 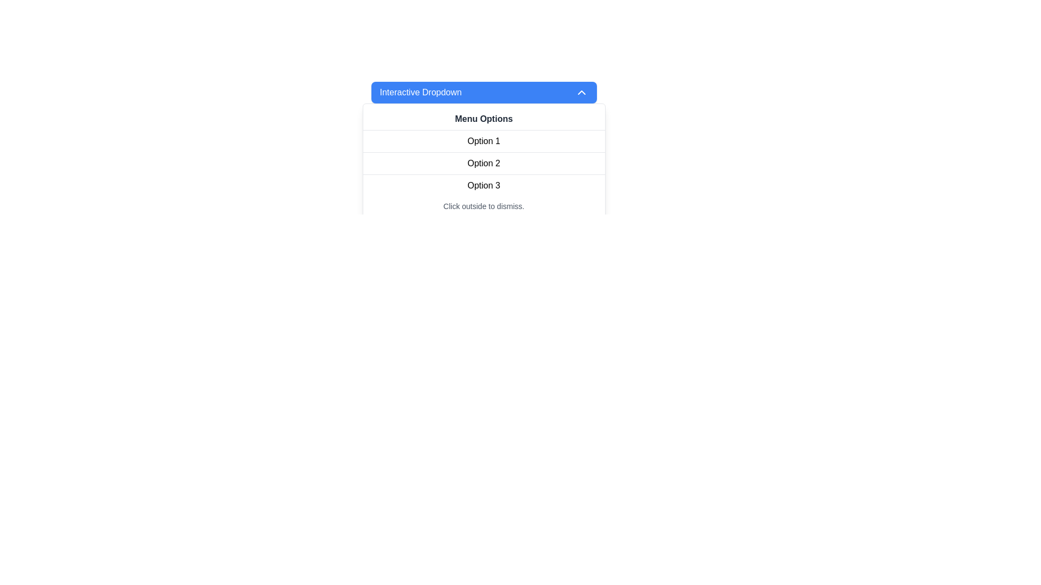 I want to click on the options in the dropdown list located below 'Menu Options' and above 'Click outside to dismiss.', so click(x=483, y=163).